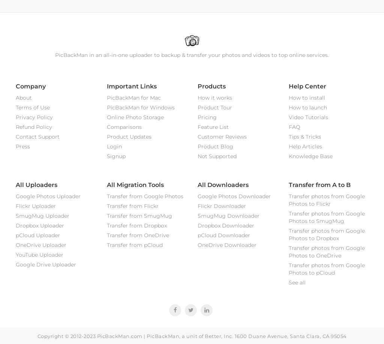 This screenshot has height=344, width=384. What do you see at coordinates (42, 215) in the screenshot?
I see `'SmugMug Uploader'` at bounding box center [42, 215].